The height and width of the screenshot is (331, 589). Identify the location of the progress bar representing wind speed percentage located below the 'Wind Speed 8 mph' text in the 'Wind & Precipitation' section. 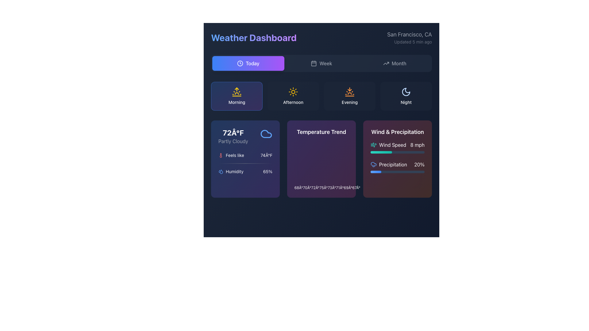
(398, 152).